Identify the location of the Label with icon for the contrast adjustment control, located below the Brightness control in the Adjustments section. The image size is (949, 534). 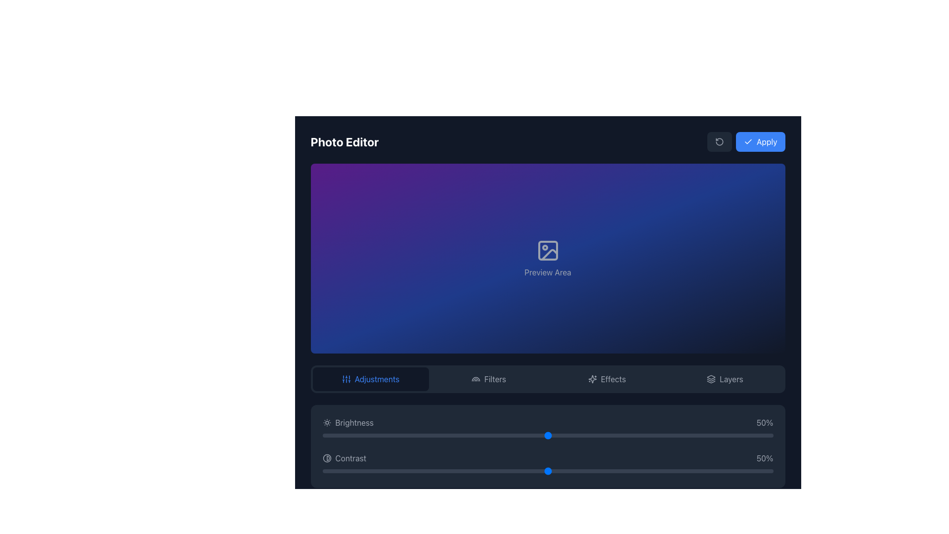
(344, 458).